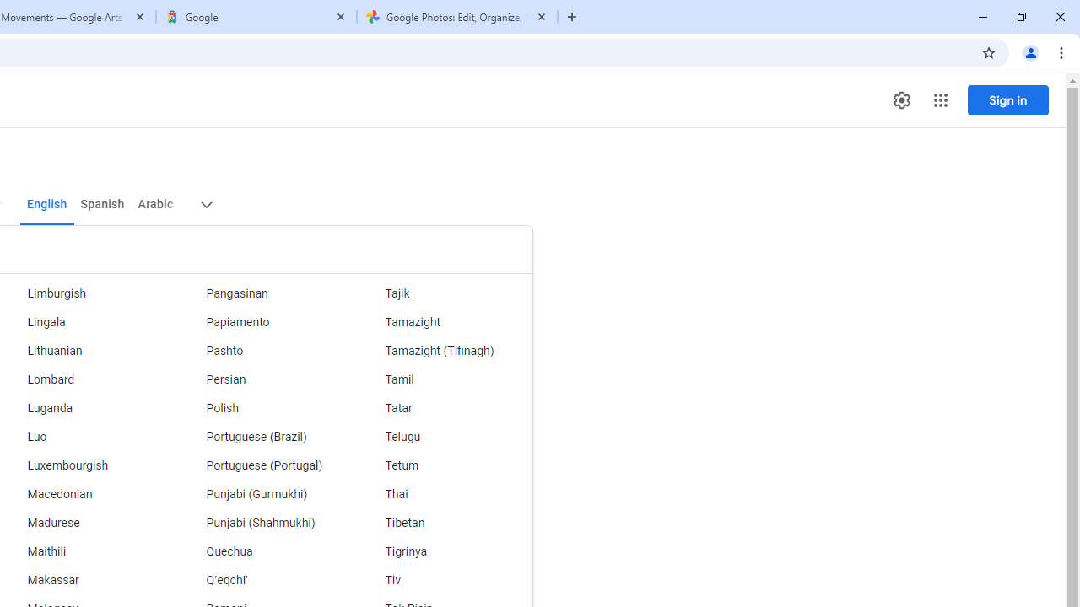  I want to click on 'Pangasinan', so click(262, 293).